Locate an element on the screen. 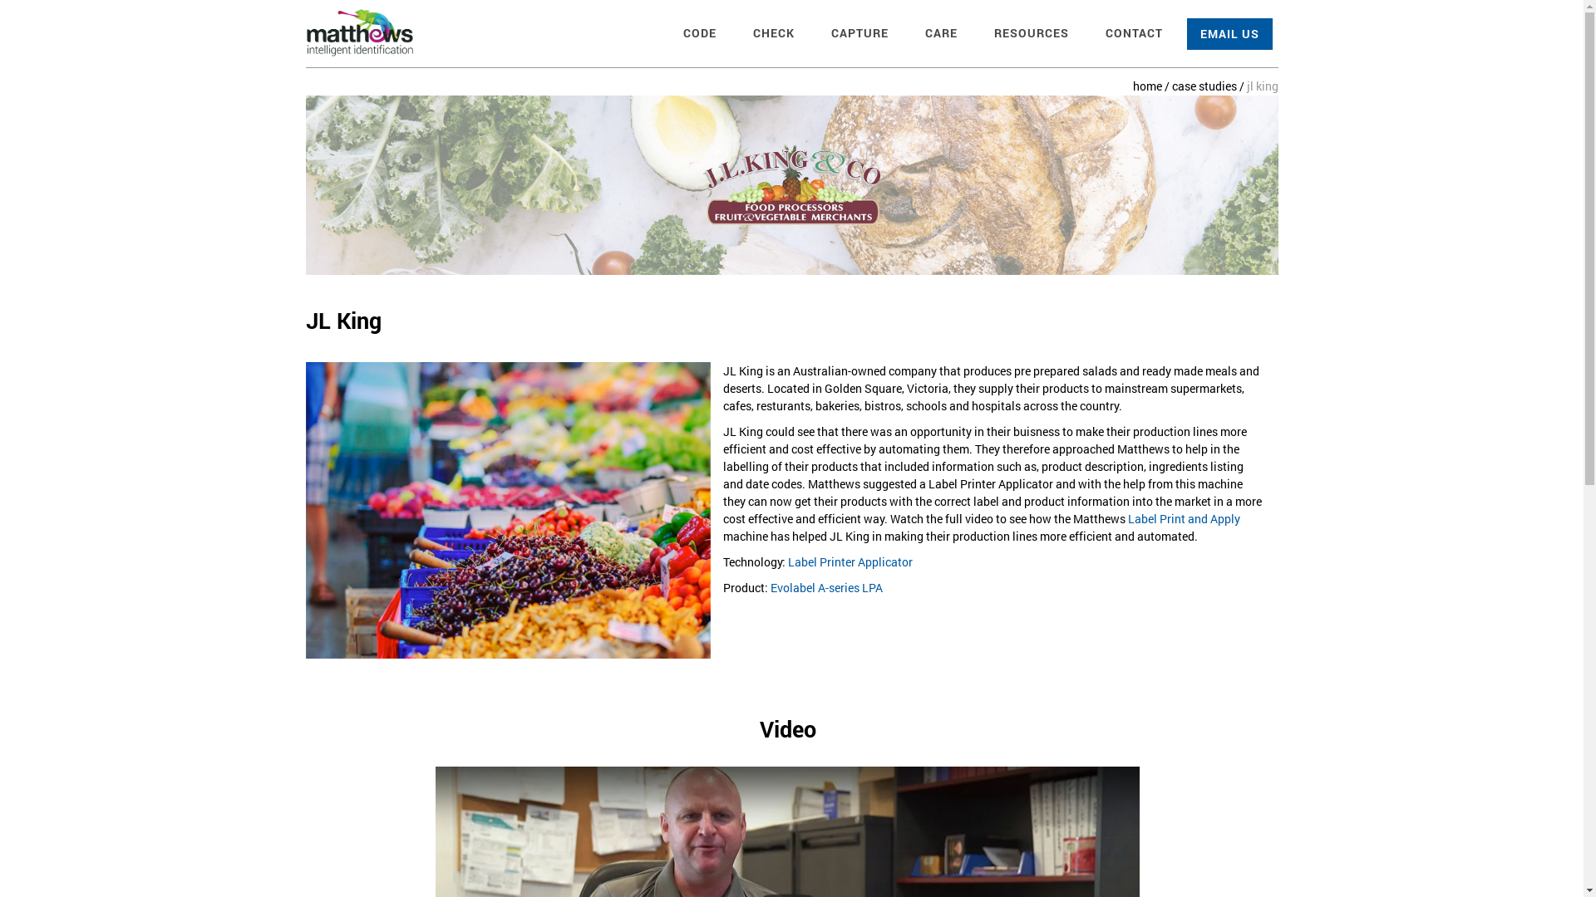 The width and height of the screenshot is (1596, 897). 'EMAIL US' is located at coordinates (1229, 34).